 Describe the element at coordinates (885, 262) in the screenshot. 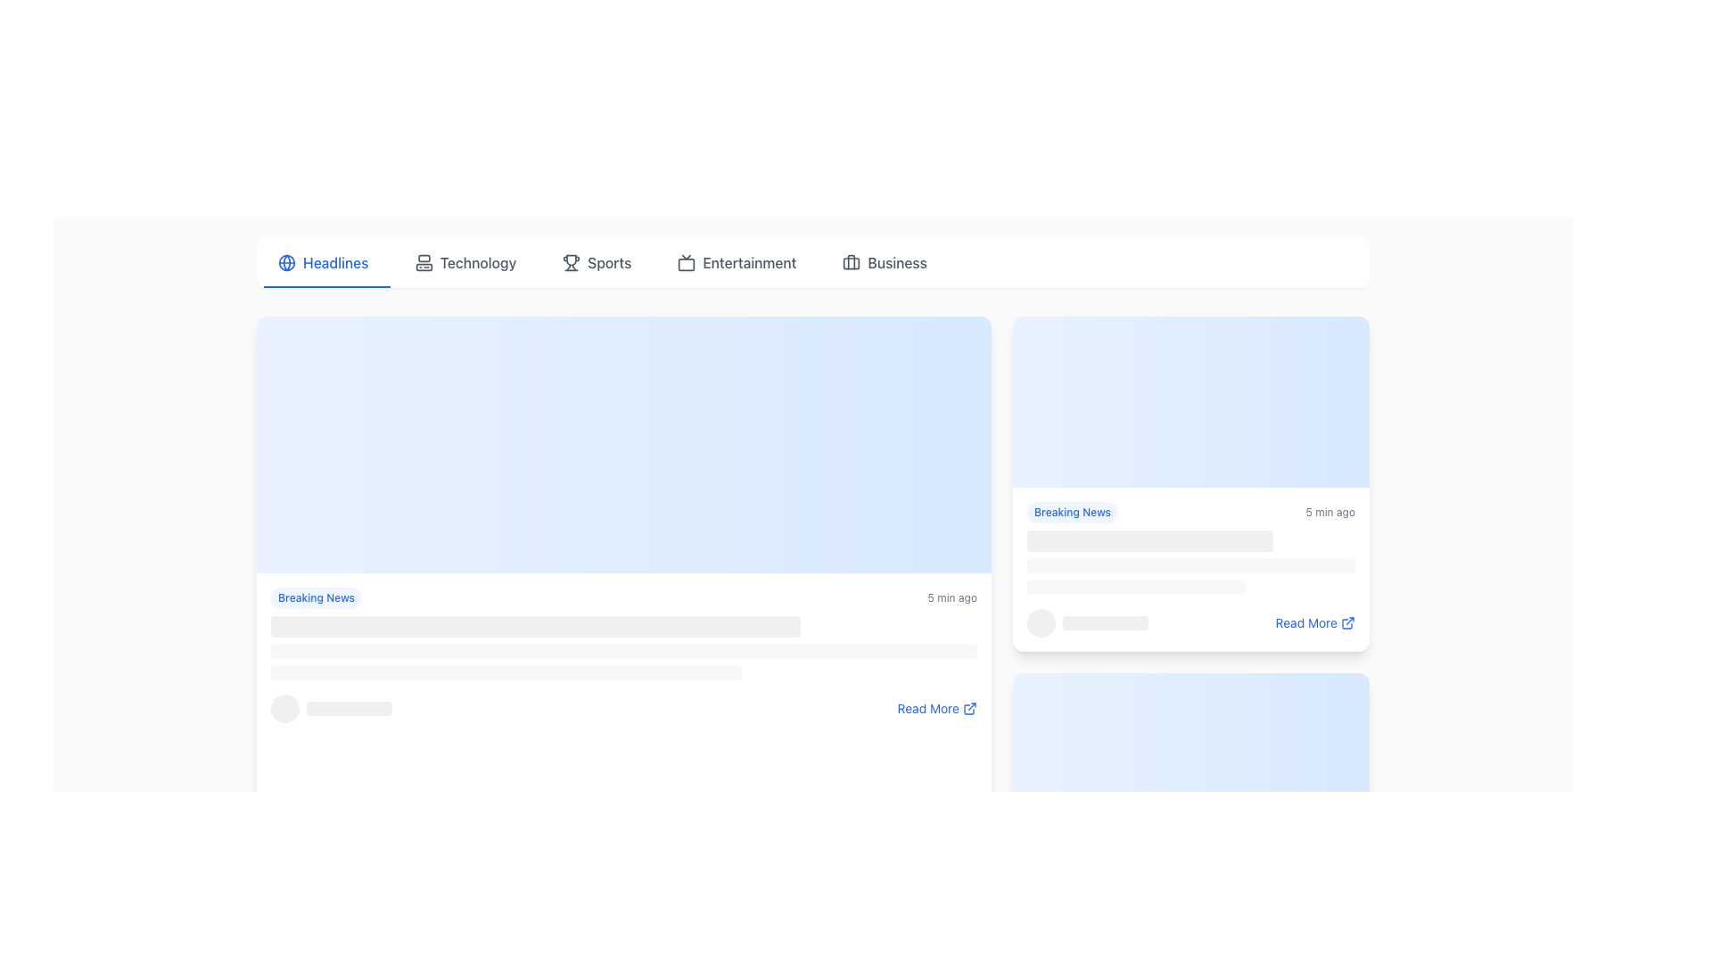

I see `the 'Business' Navigation tab located in the top navigation bar, which is the fifth option in the sequence` at that location.